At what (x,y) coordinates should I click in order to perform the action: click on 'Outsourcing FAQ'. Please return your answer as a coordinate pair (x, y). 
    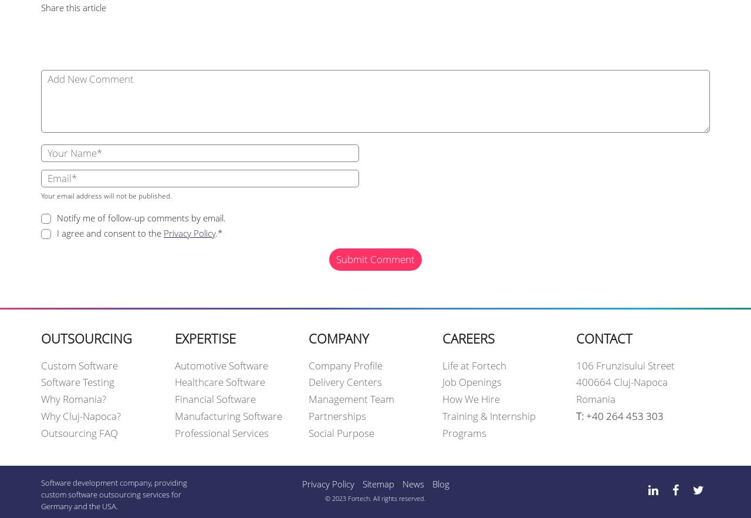
    Looking at the image, I should click on (41, 432).